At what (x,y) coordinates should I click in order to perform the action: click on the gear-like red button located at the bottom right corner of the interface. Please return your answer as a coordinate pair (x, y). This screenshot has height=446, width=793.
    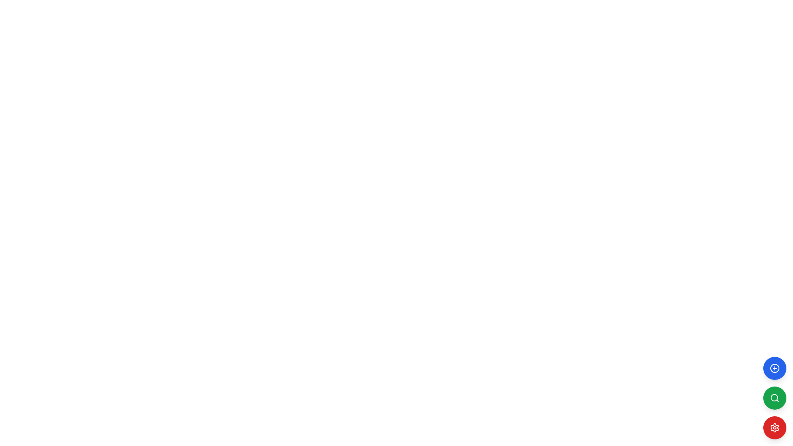
    Looking at the image, I should click on (774, 427).